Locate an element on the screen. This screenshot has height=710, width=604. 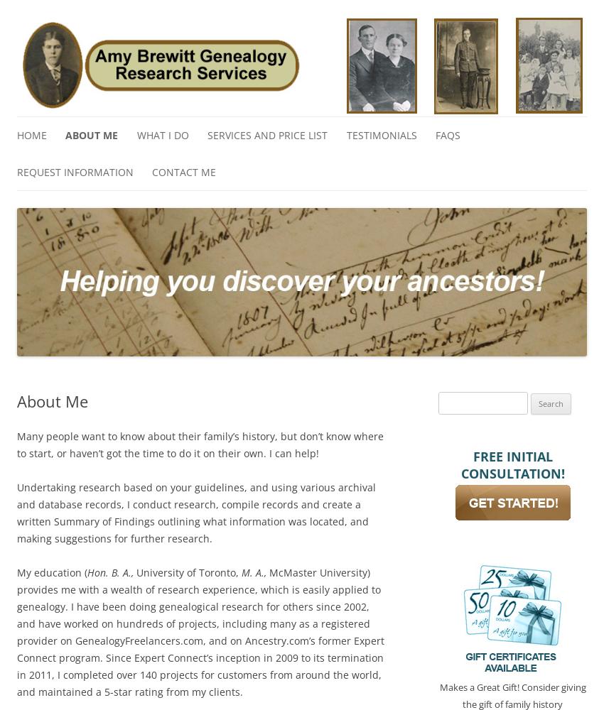
'Undertaking research based on your guidelines, and using various archival and database records, I conduct research, compile records and create a written Summary of Findings outlining what information was located, and making suggestions for further research.' is located at coordinates (195, 511).